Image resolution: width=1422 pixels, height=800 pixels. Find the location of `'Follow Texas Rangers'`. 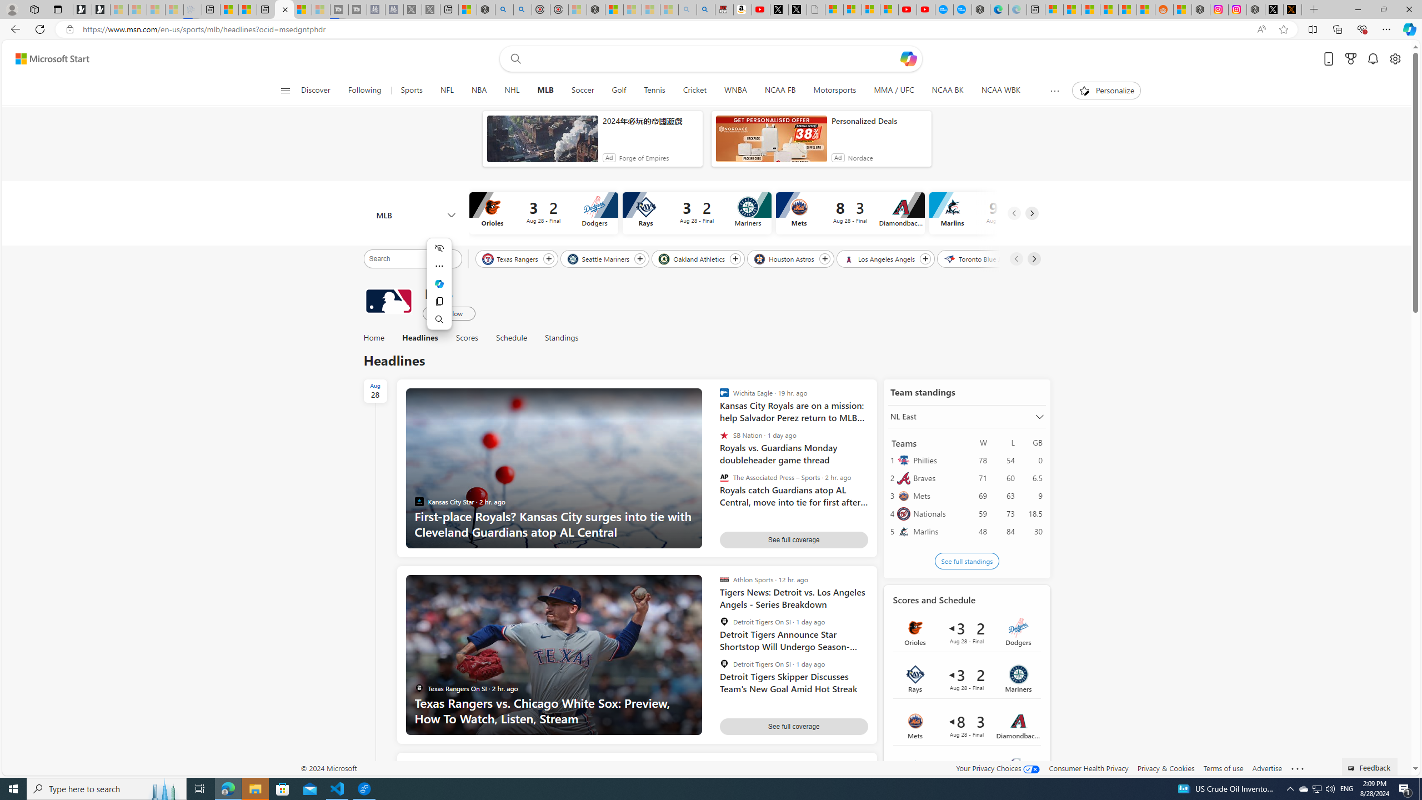

'Follow Texas Rangers' is located at coordinates (548, 259).